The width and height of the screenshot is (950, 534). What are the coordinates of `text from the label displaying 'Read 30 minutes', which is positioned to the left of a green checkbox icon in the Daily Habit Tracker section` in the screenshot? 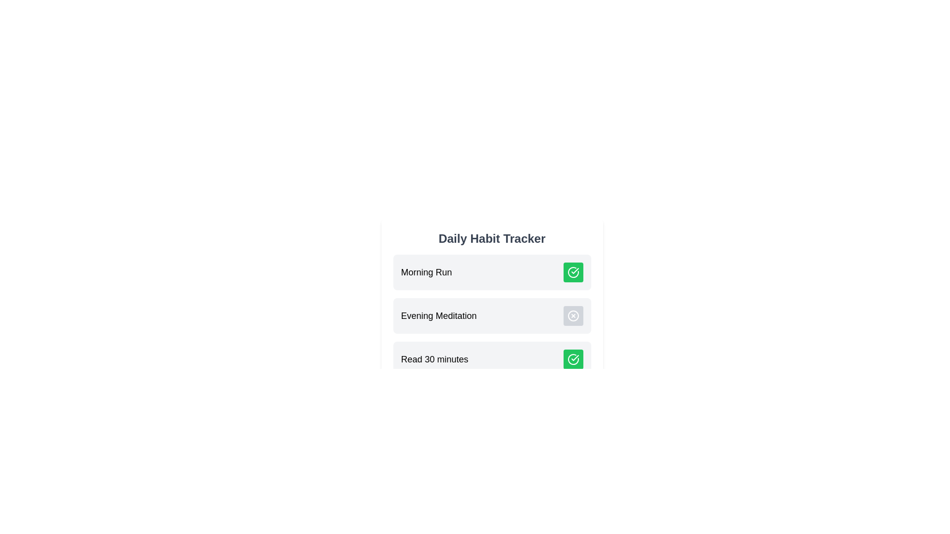 It's located at (434, 359).